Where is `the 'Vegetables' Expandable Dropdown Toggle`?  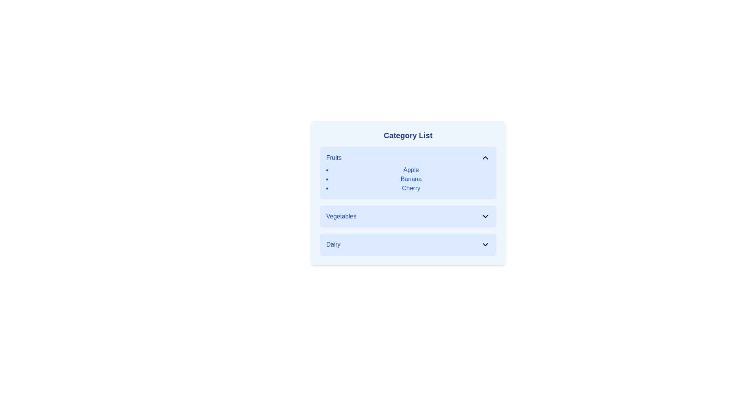 the 'Vegetables' Expandable Dropdown Toggle is located at coordinates (407, 217).